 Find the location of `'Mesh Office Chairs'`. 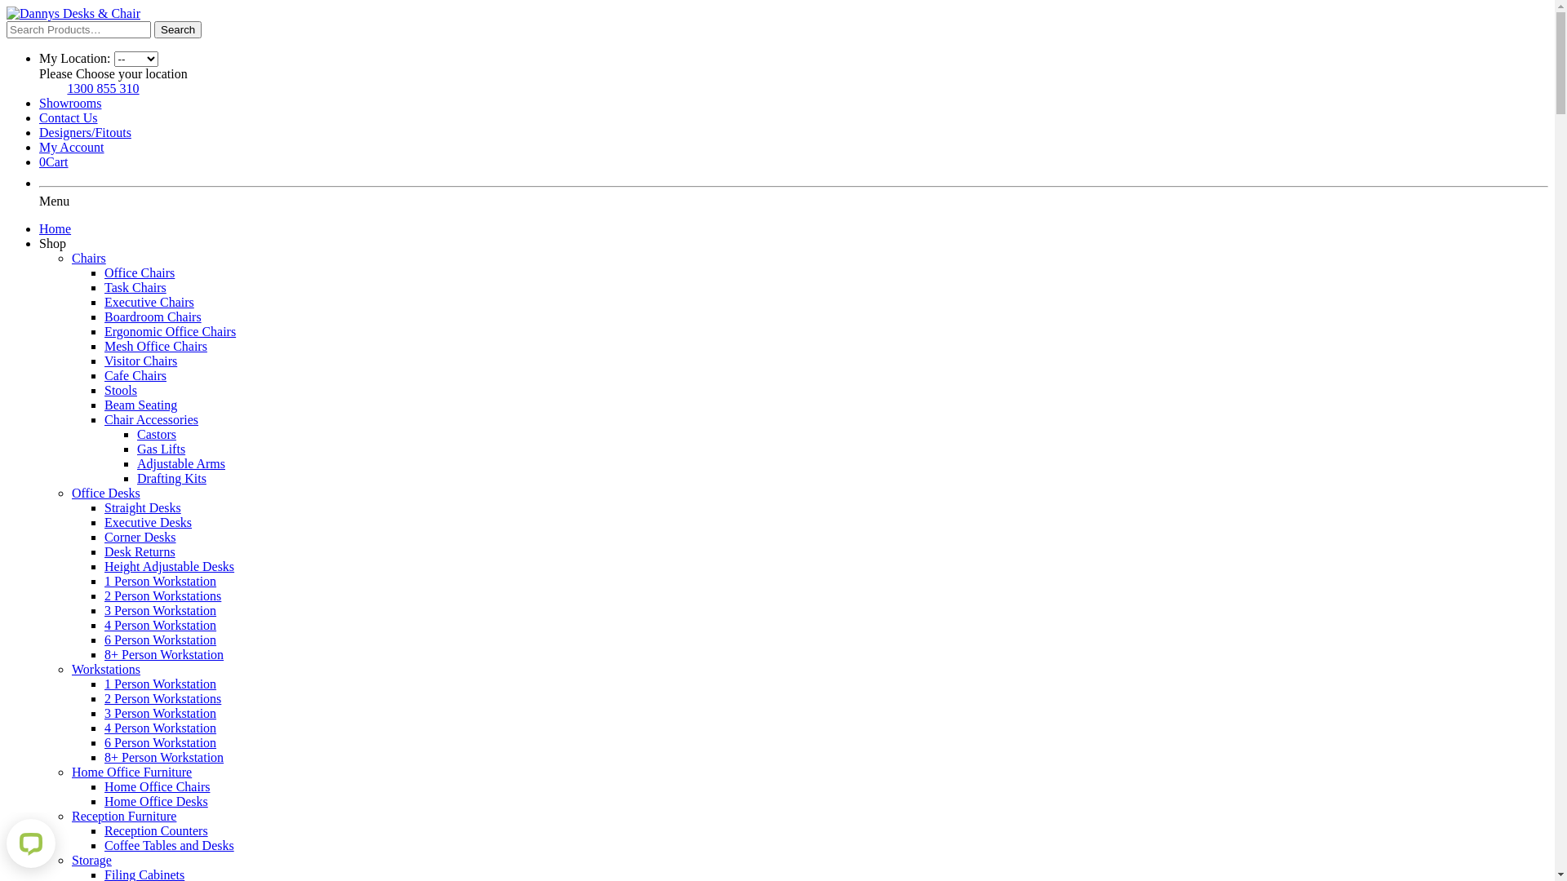

'Mesh Office Chairs' is located at coordinates (156, 345).